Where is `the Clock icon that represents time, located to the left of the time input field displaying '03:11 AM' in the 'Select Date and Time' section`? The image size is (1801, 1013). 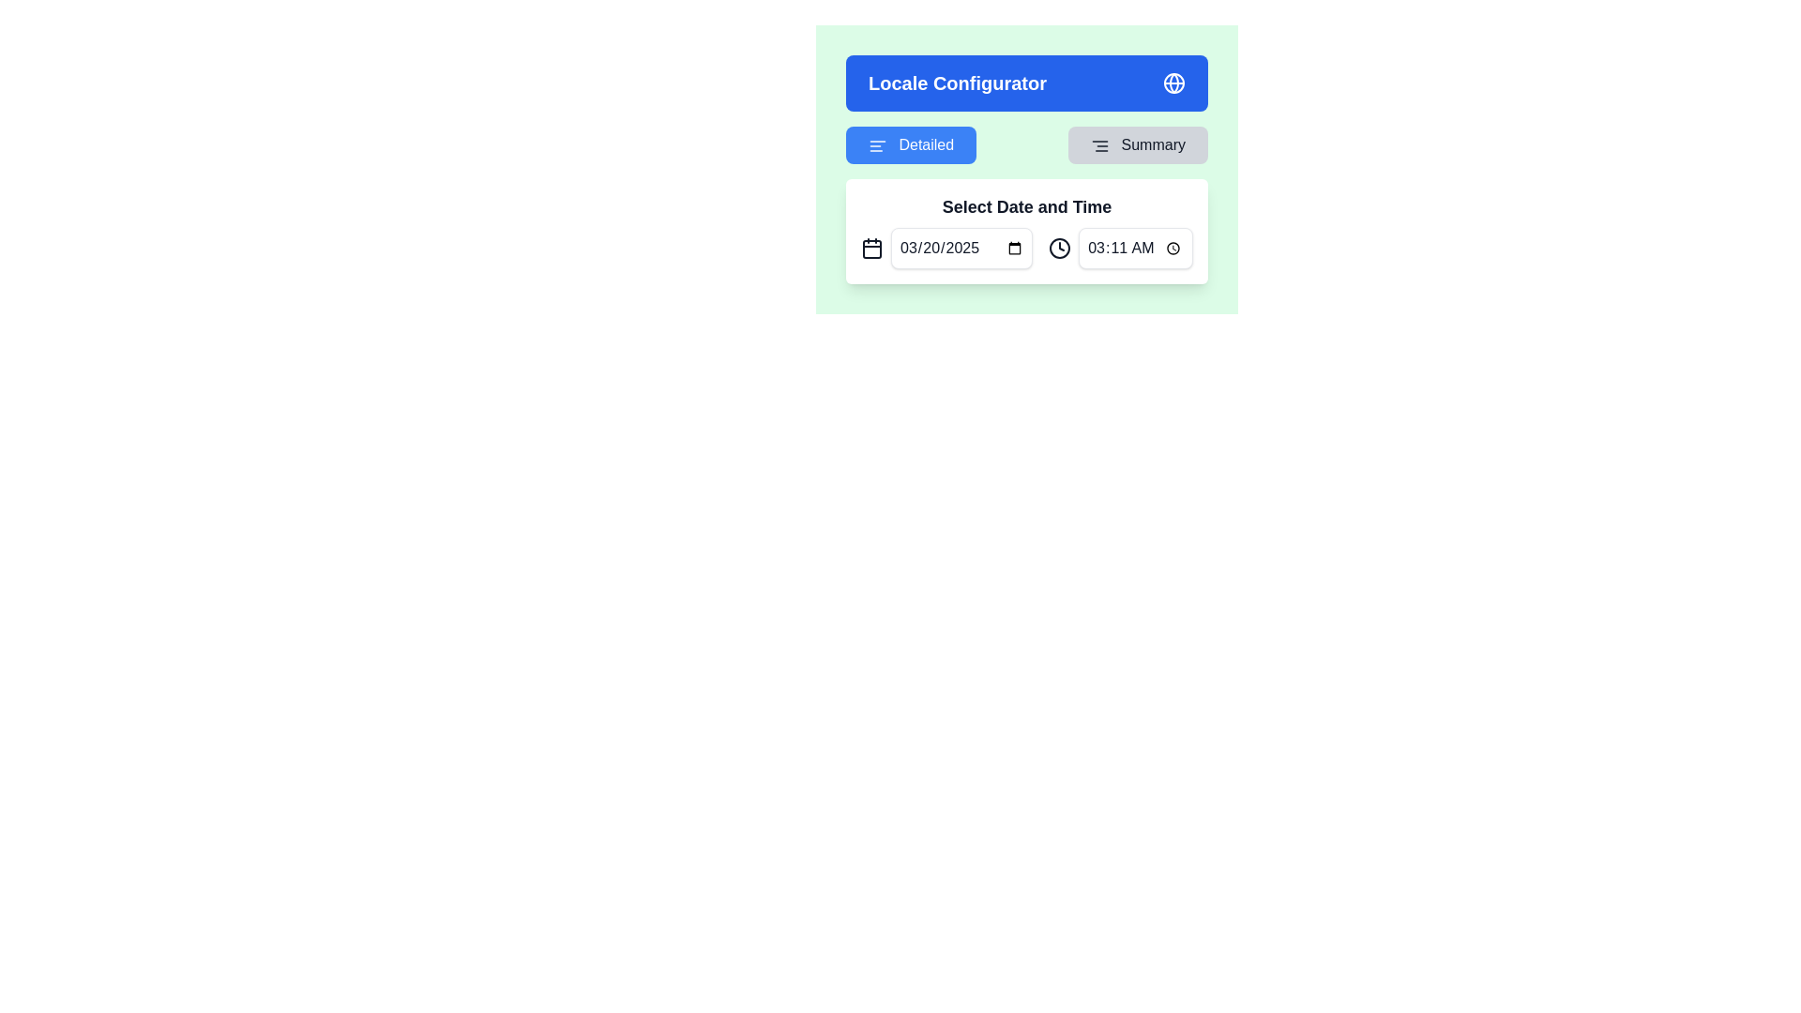 the Clock icon that represents time, located to the left of the time input field displaying '03:11 AM' in the 'Select Date and Time' section is located at coordinates (1060, 248).